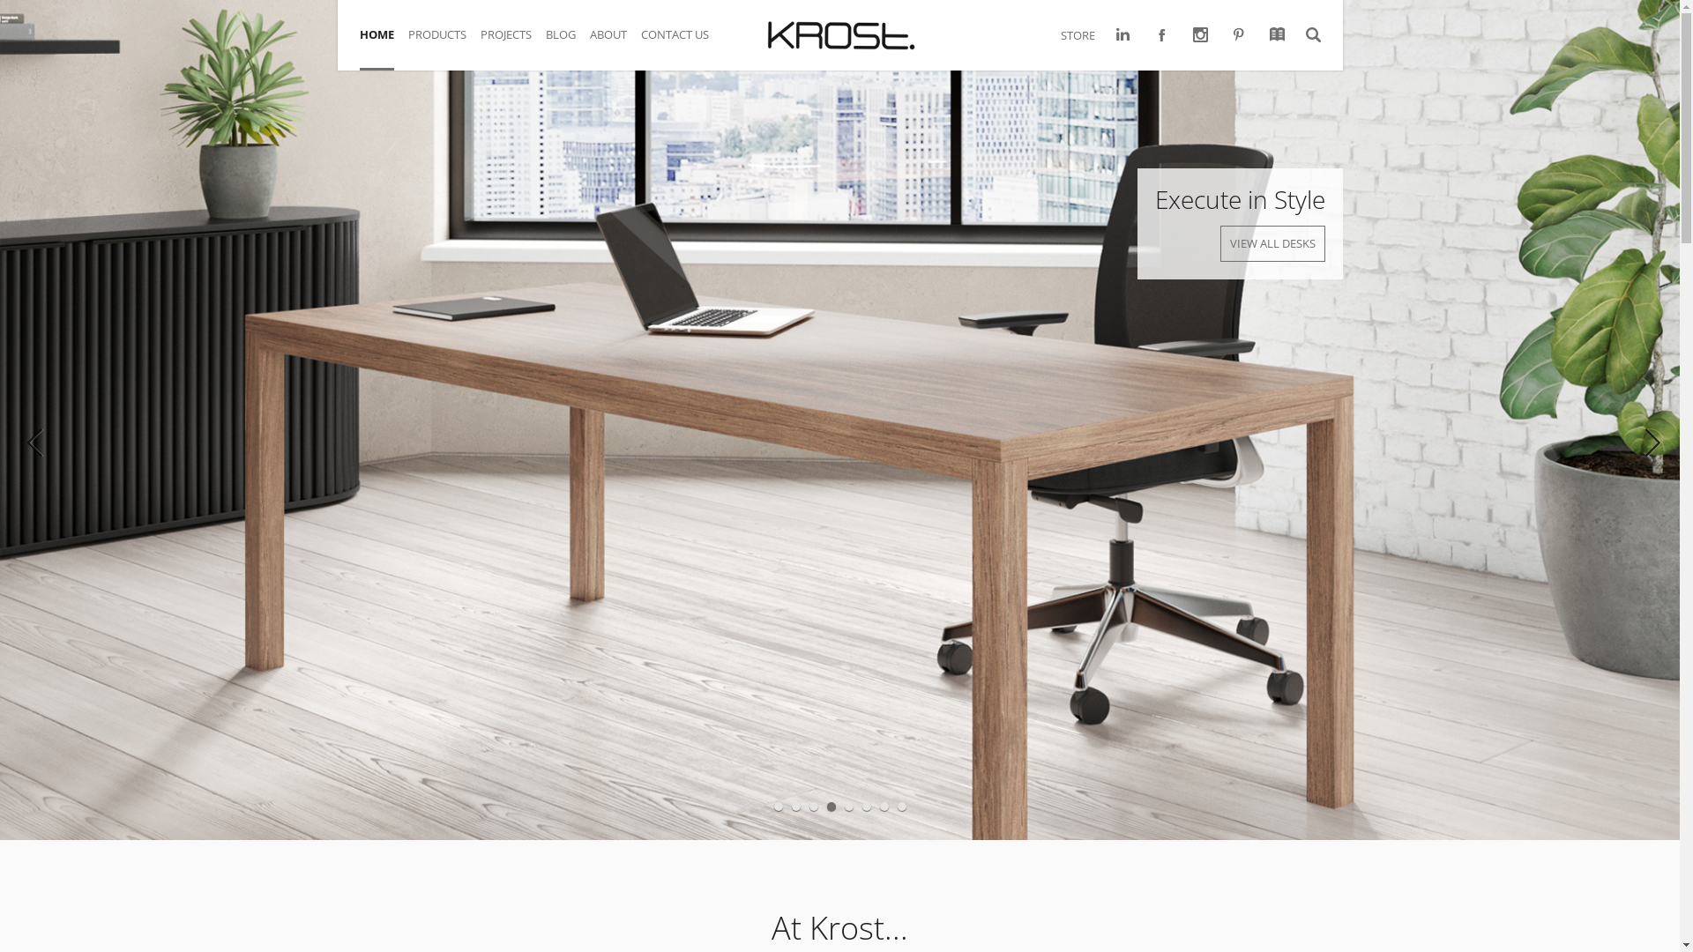 This screenshot has width=1693, height=952. I want to click on 'BLOG', so click(567, 43).